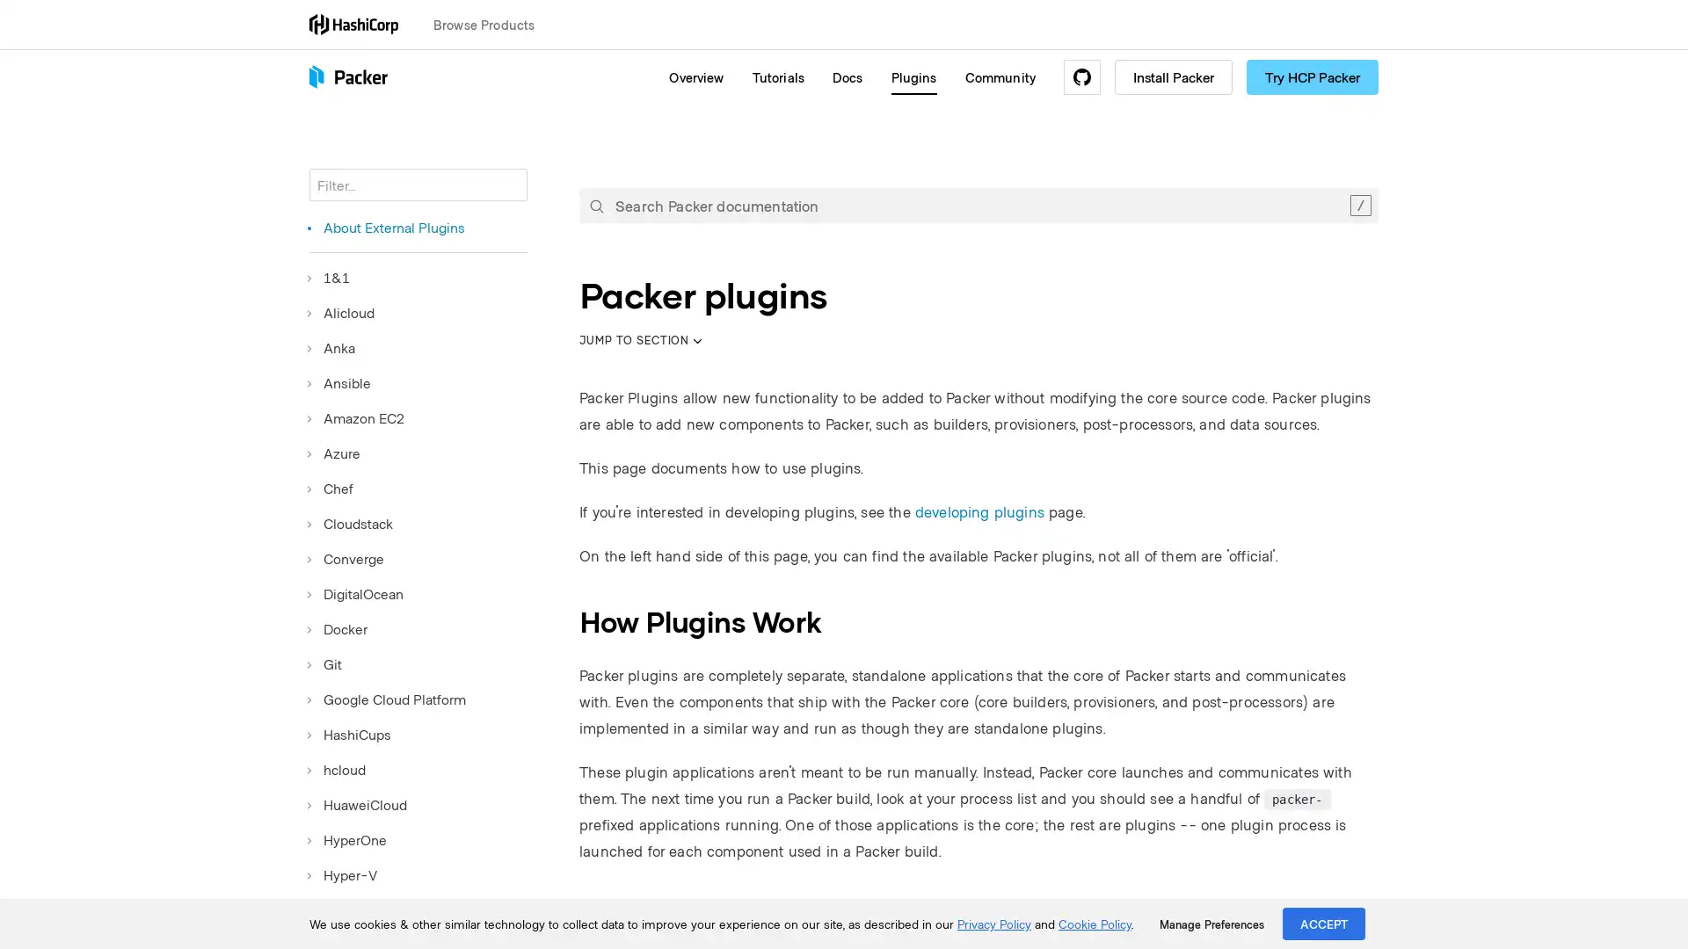 The width and height of the screenshot is (1688, 949). What do you see at coordinates (340, 381) in the screenshot?
I see `Ansible` at bounding box center [340, 381].